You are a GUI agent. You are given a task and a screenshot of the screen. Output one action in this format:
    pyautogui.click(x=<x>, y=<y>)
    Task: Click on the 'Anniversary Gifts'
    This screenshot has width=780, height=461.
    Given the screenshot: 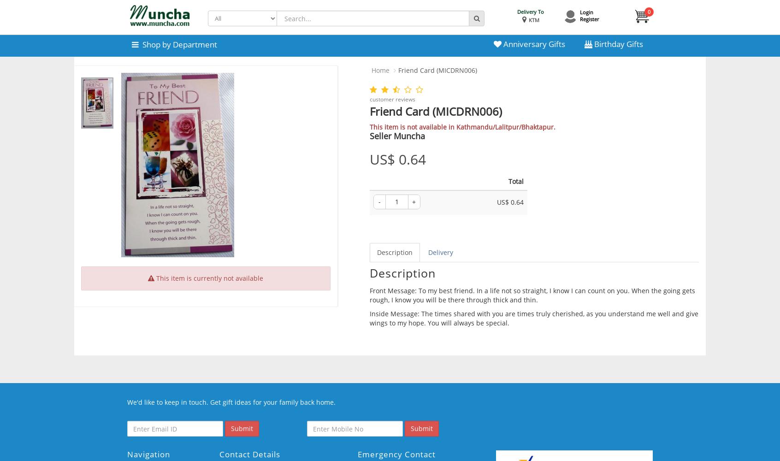 What is the action you would take?
    pyautogui.click(x=532, y=43)
    